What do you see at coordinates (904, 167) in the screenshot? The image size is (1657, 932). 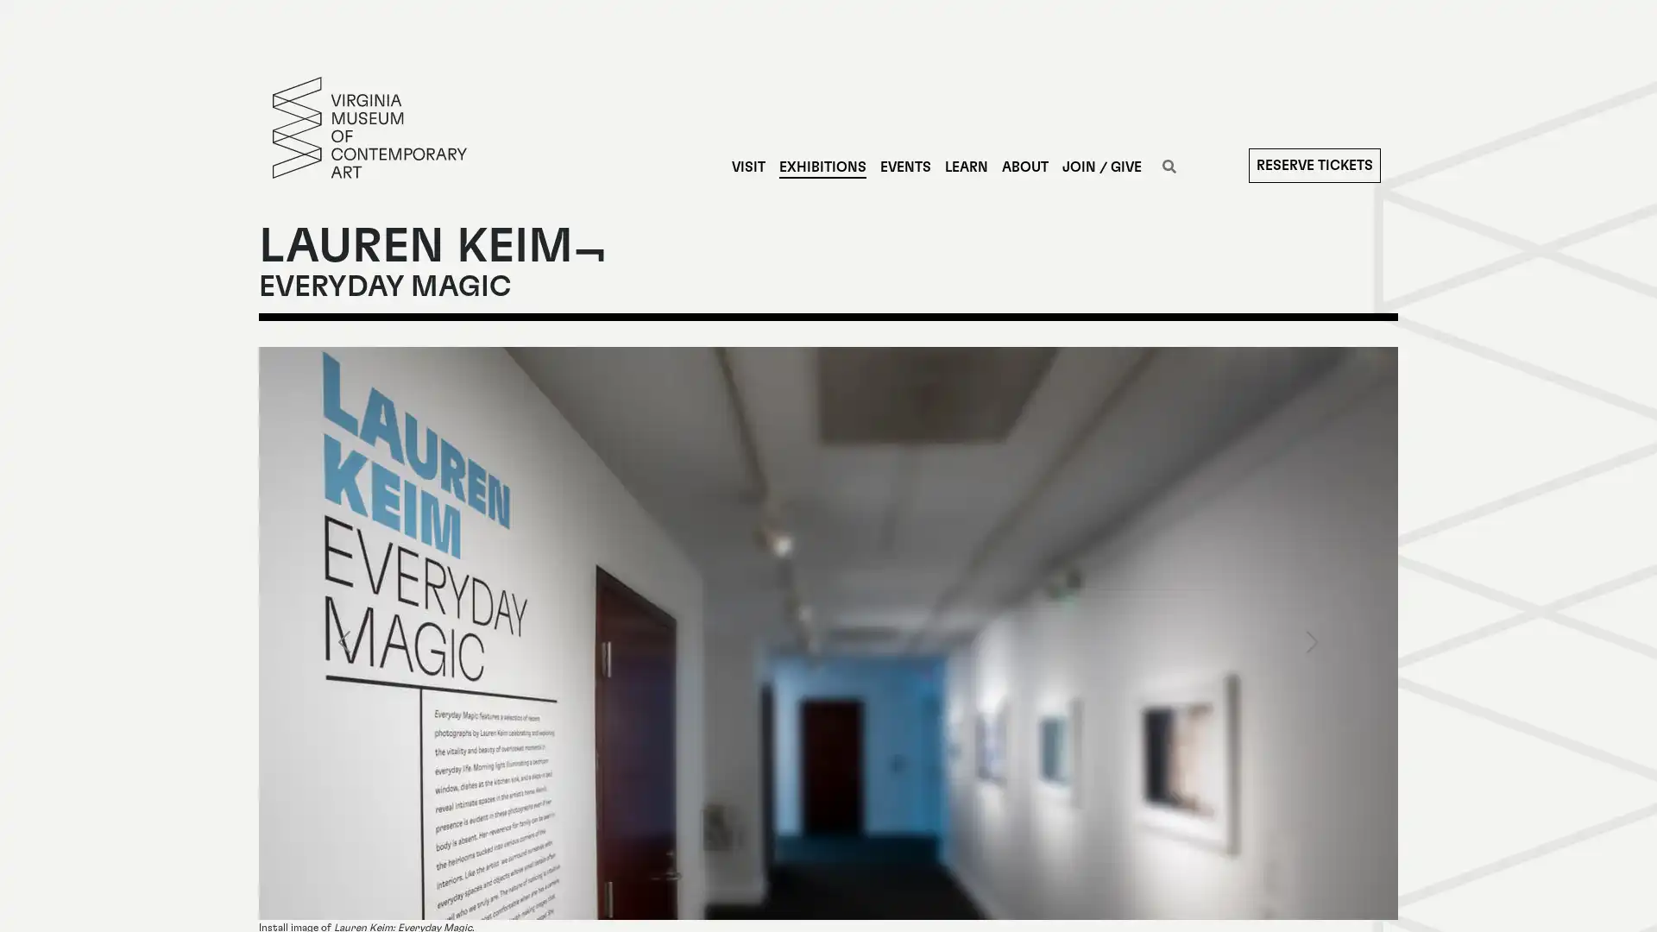 I see `EVENTS` at bounding box center [904, 167].